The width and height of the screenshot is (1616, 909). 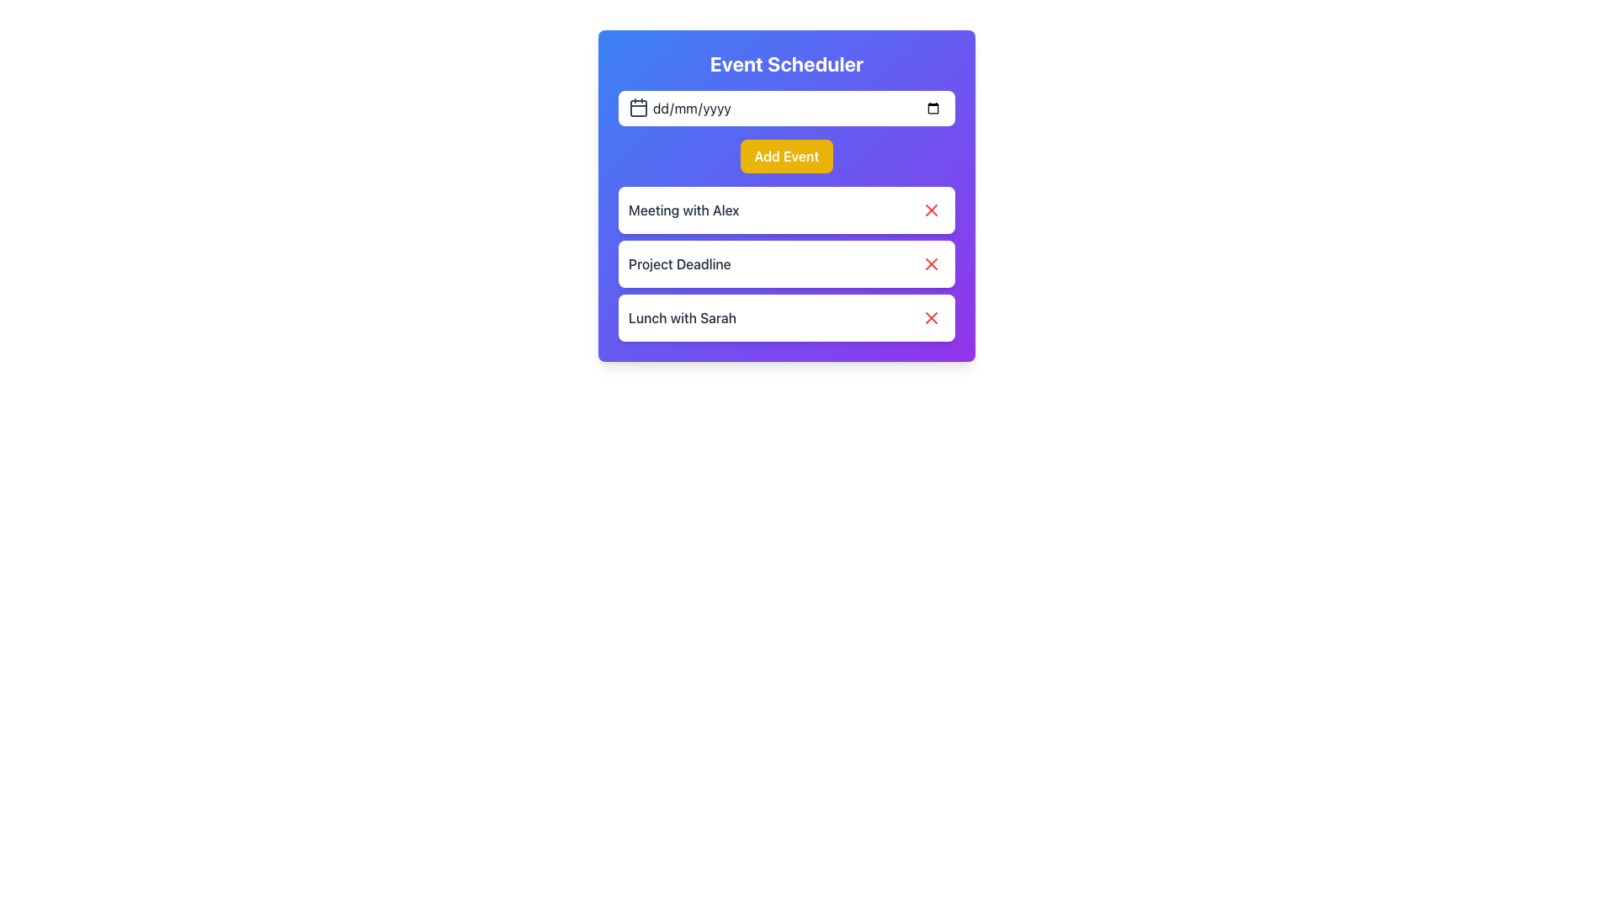 What do you see at coordinates (931, 210) in the screenshot?
I see `the cross icon button` at bounding box center [931, 210].